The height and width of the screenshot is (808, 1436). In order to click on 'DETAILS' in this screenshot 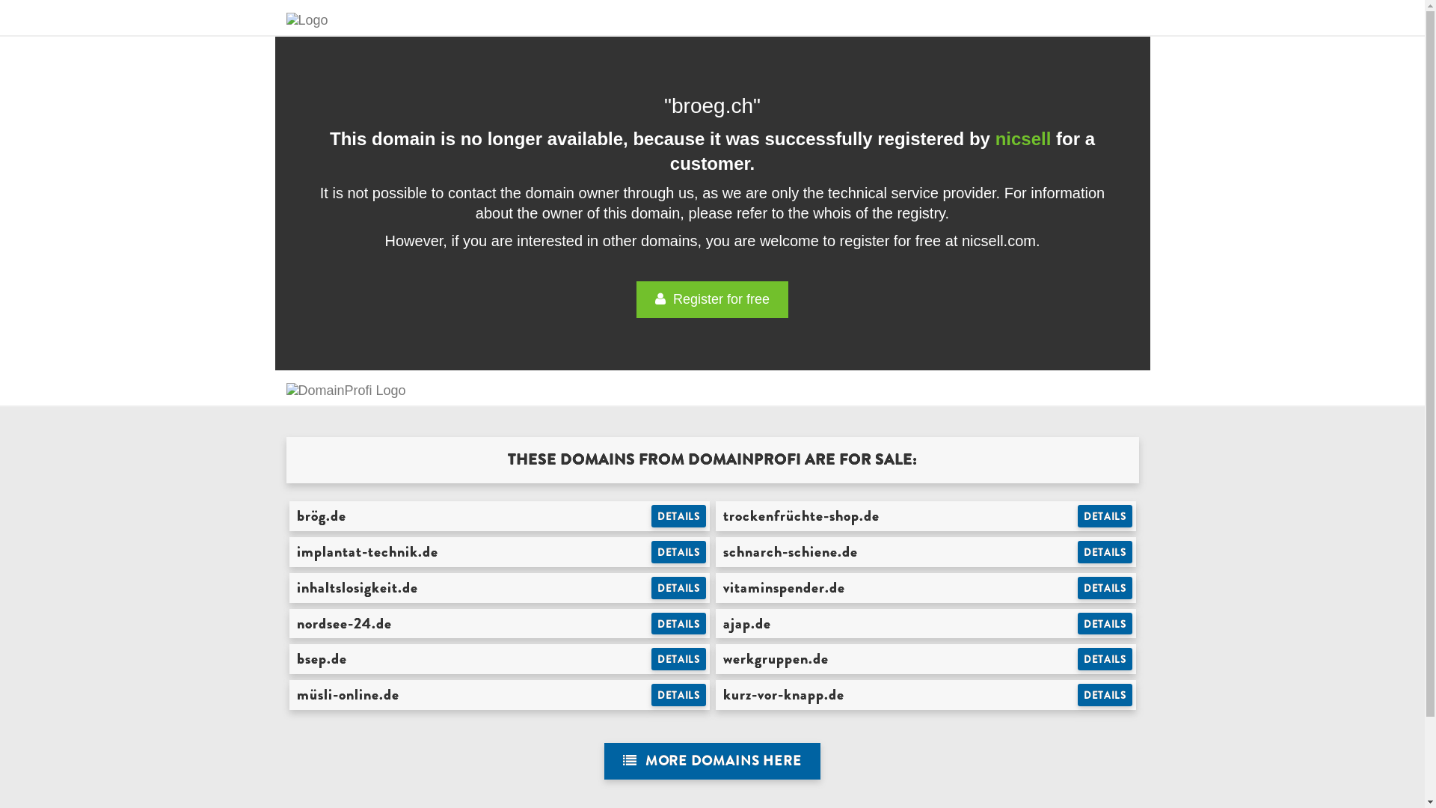, I will do `click(1105, 587)`.